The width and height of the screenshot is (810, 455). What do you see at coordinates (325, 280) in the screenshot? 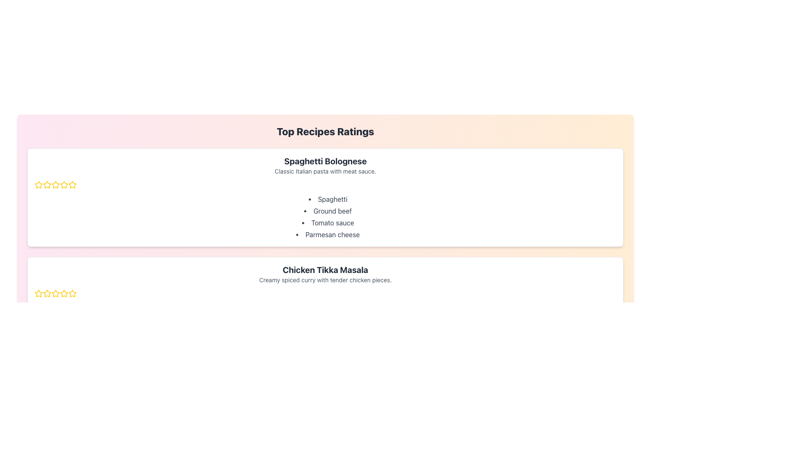
I see `the description text that provides additional information about the 'Chicken Tikka Masala' dish, located directly underneath the title` at bounding box center [325, 280].